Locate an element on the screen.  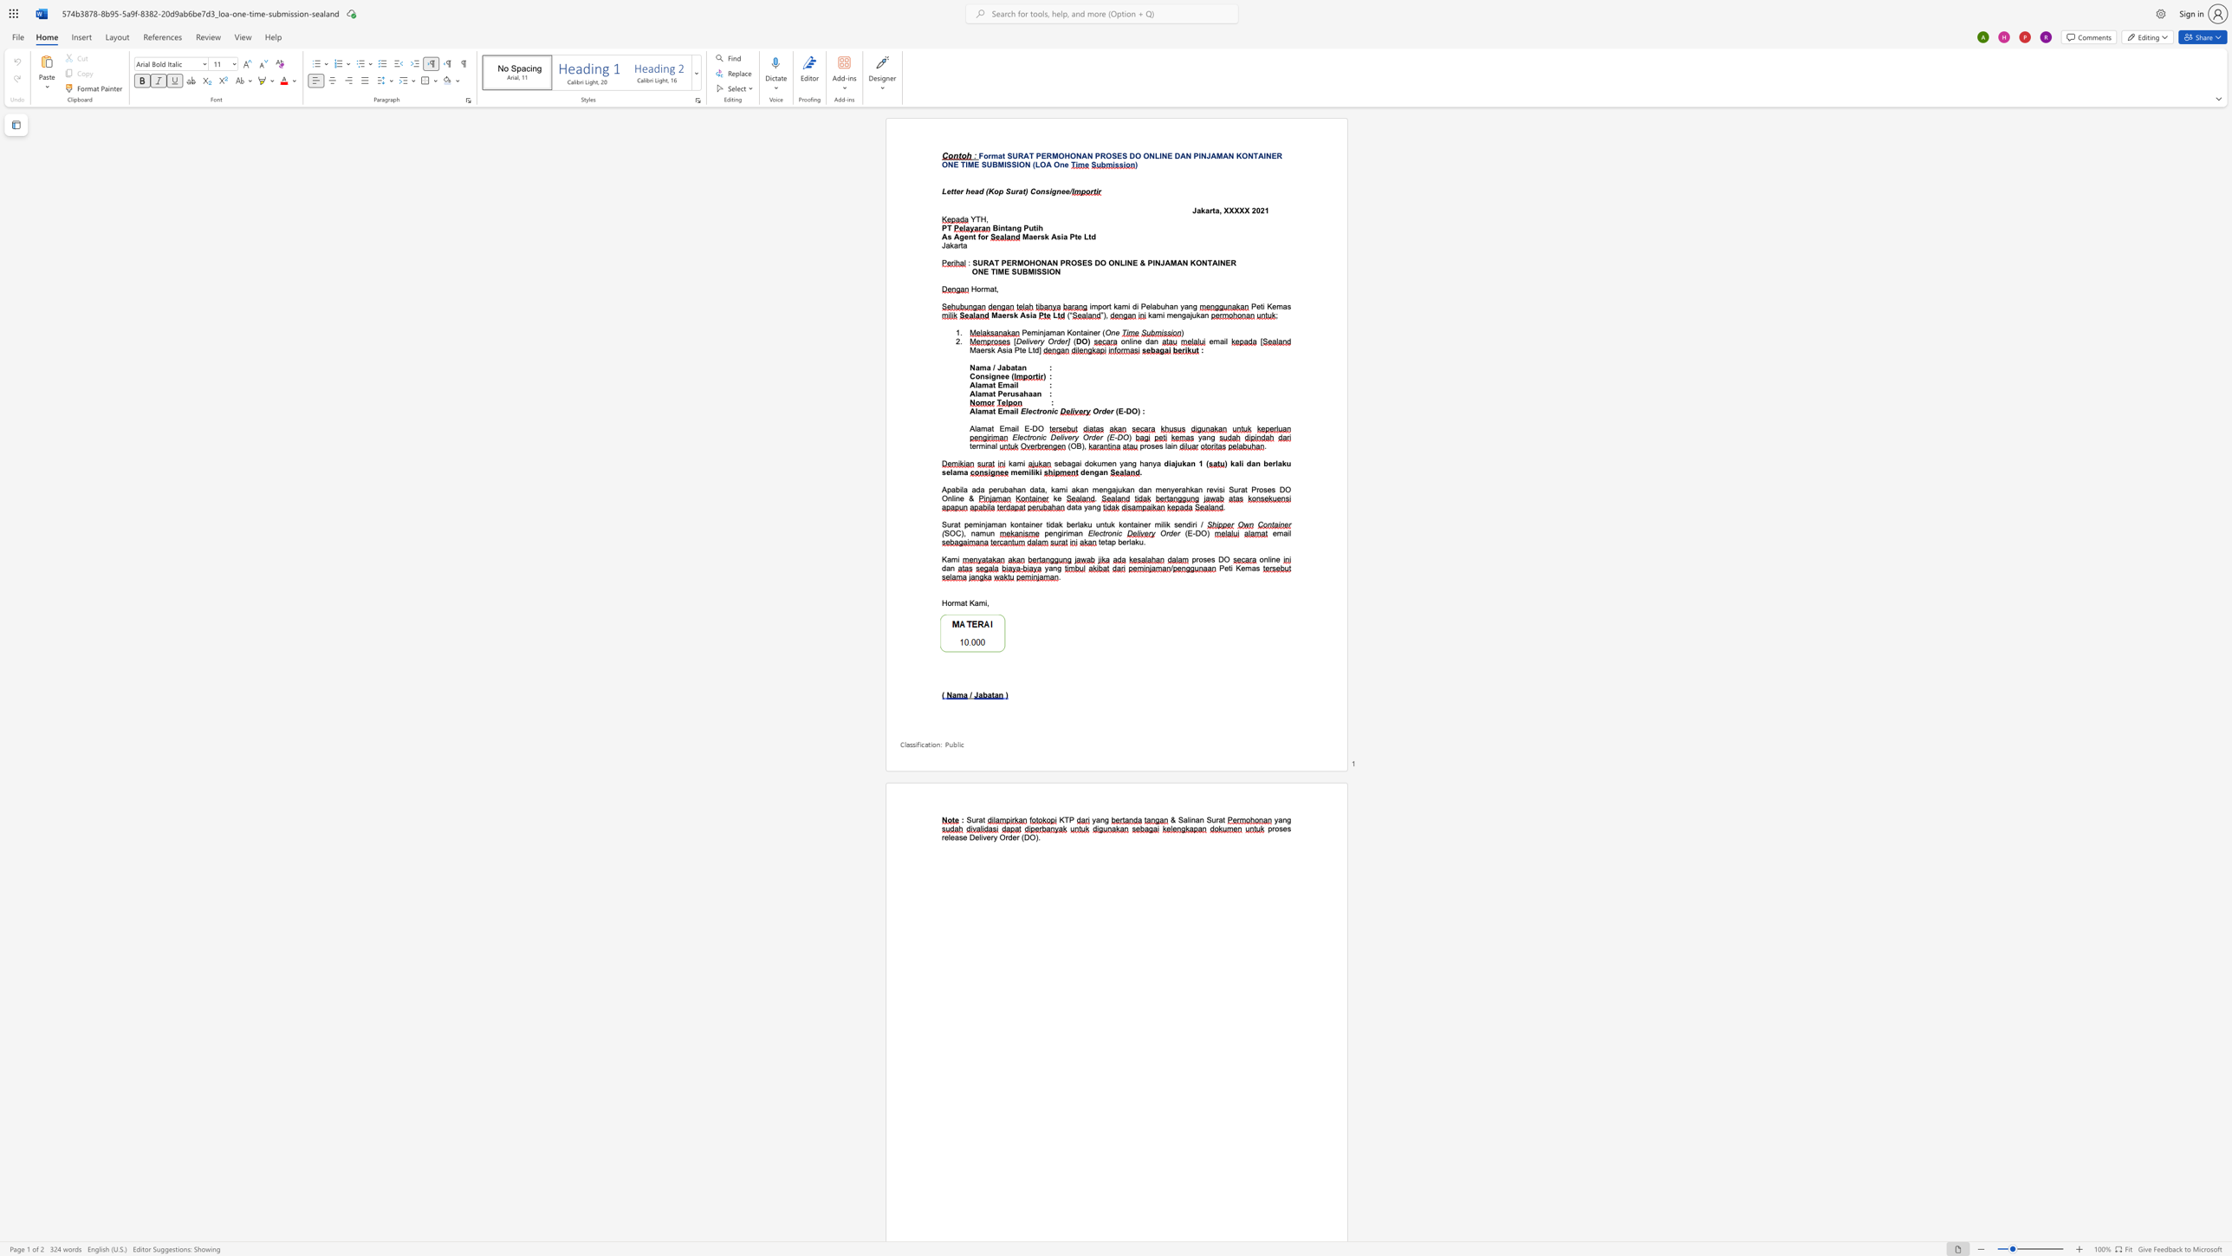
the subset text "AN KO" within the text "SURAT PERMOHONAN PROSES DO ONLINE DAN PINJAMAN KONTAINER" is located at coordinates (1223, 156).